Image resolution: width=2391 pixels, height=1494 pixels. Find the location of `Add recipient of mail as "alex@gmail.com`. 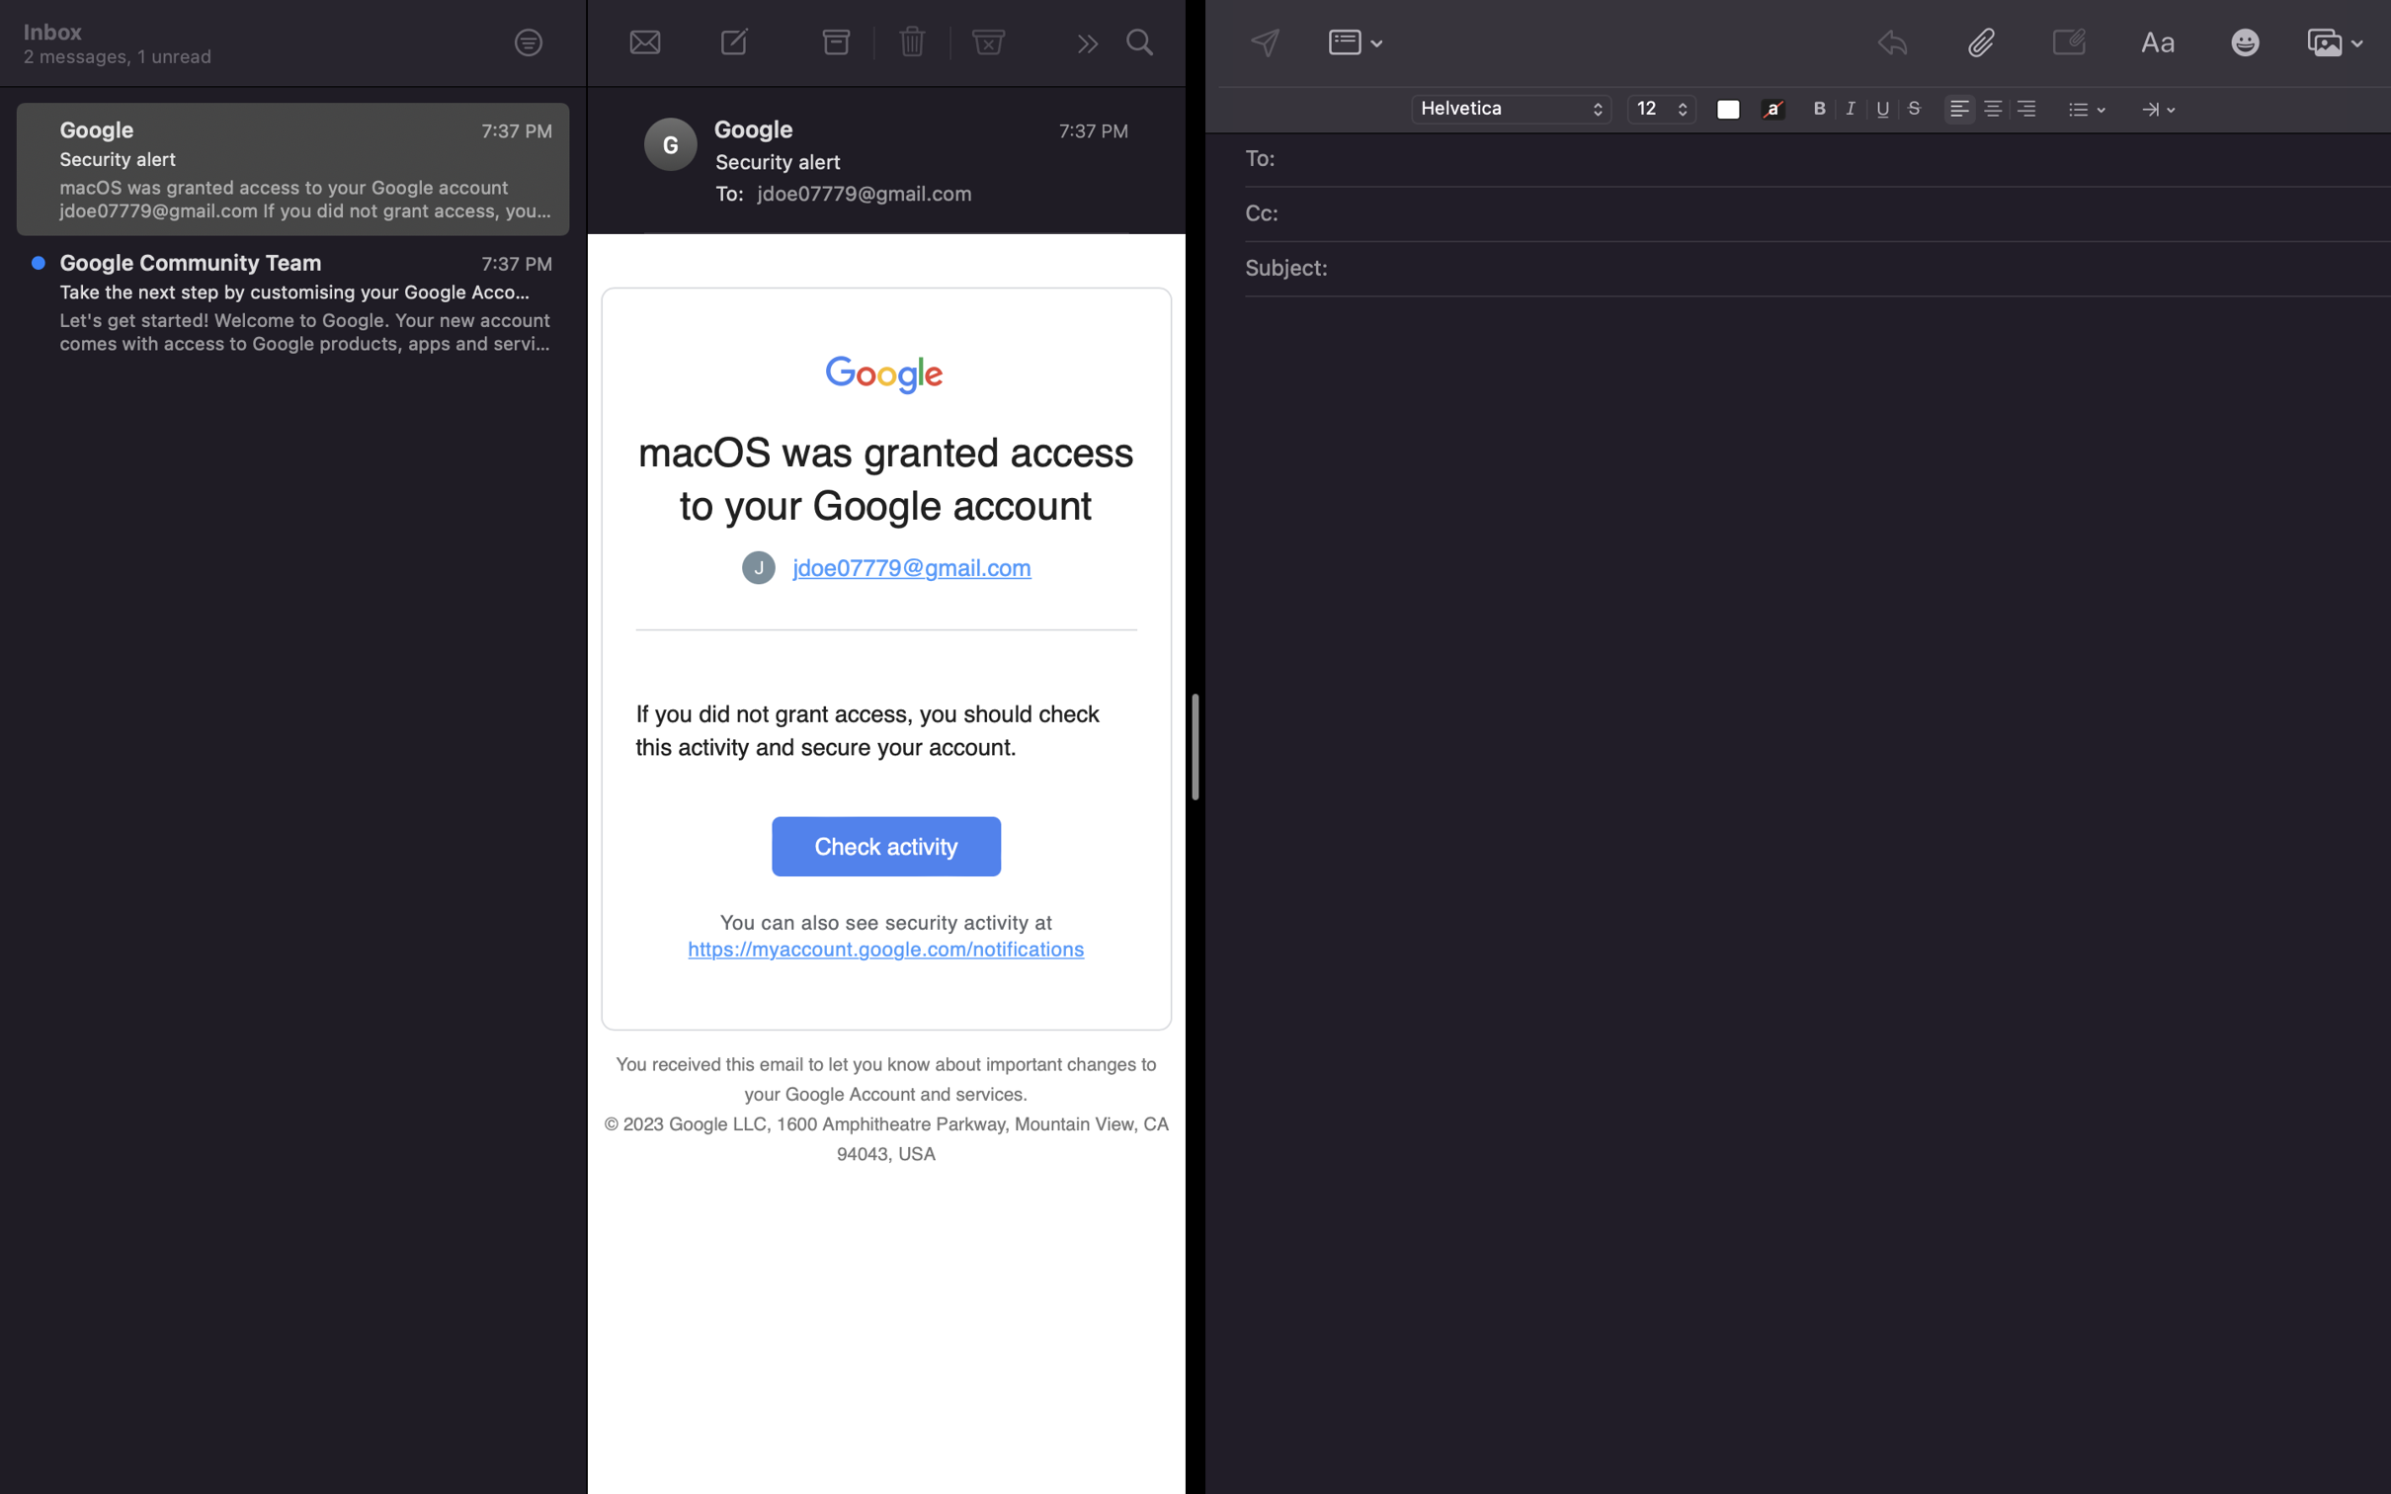

Add recipient of mail as "alex@gmail.com is located at coordinates (1832, 160).